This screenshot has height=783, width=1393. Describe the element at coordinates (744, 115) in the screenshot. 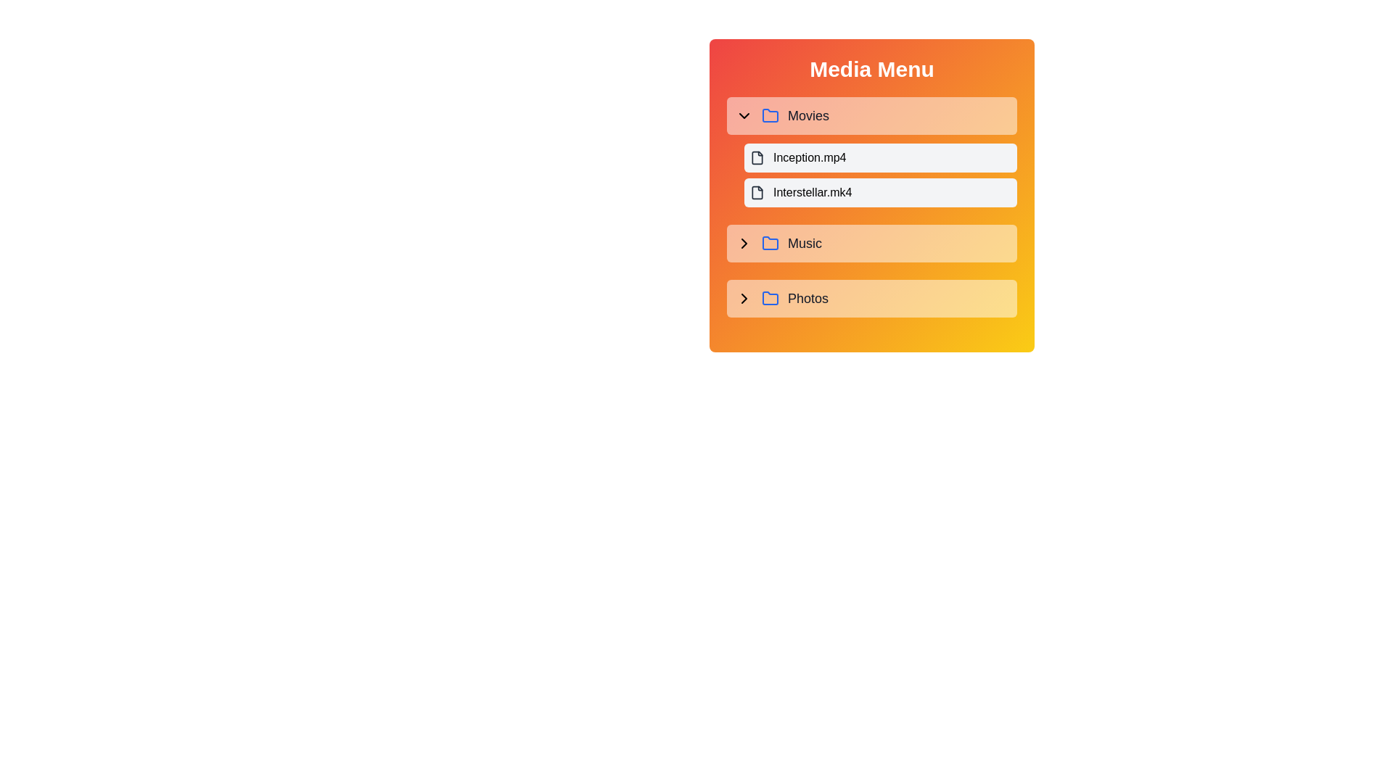

I see `the Dropdown toggle icon located at the beginning of the 'Movies' section` at that location.